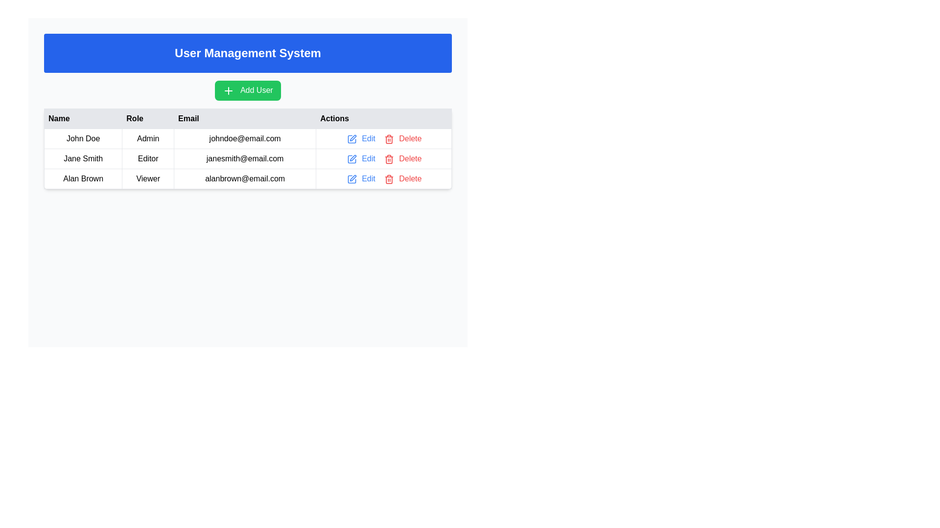 This screenshot has height=528, width=940. Describe the element at coordinates (352, 139) in the screenshot. I see `the decorative graphic icon component on the left side of the 'Edit' icon in the 'Actions' column of the second row corresponding to 'Jane Smith'` at that location.